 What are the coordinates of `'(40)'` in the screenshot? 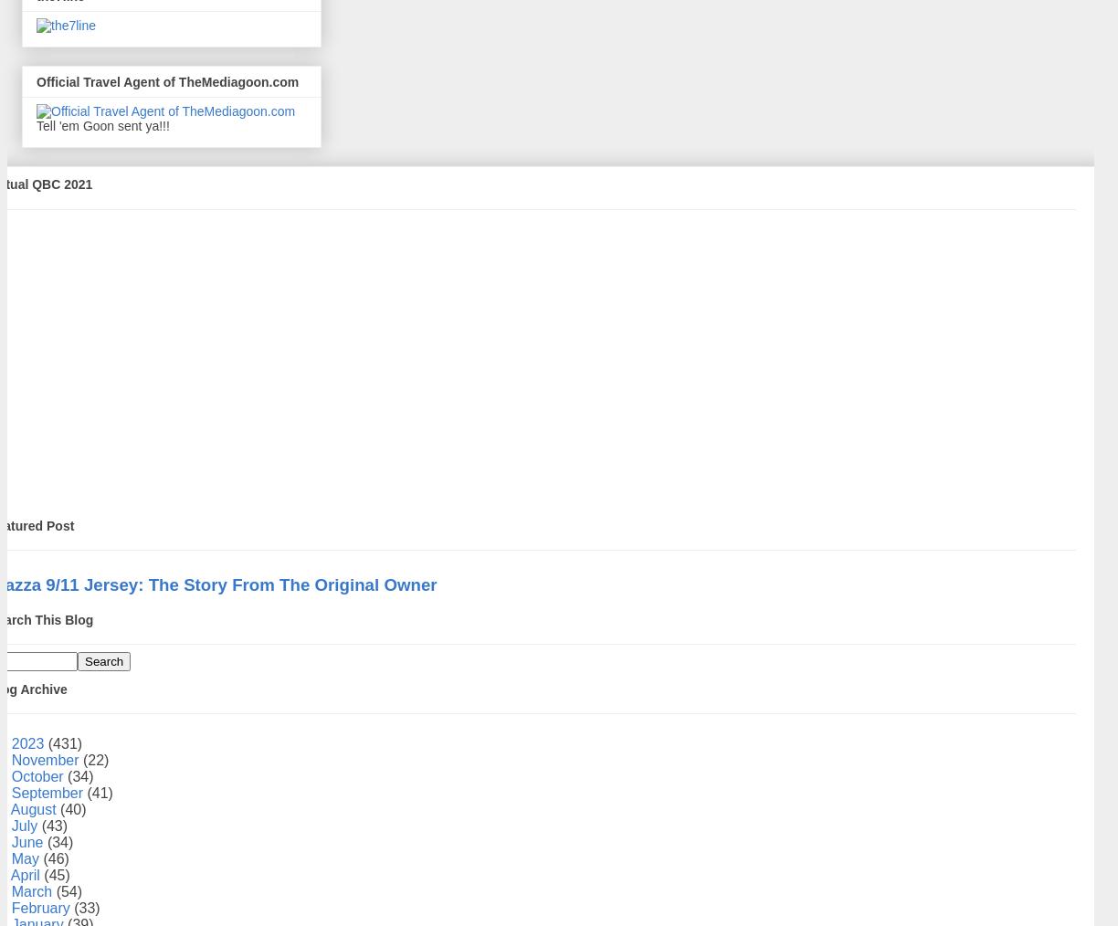 It's located at (59, 807).